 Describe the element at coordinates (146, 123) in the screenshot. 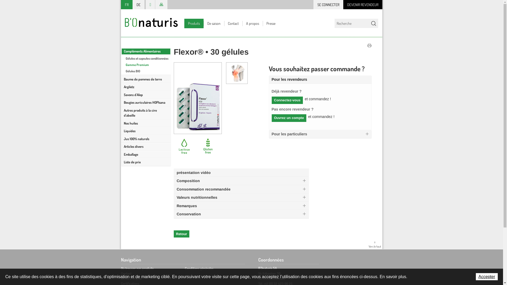

I see `'Nos huiles'` at that location.